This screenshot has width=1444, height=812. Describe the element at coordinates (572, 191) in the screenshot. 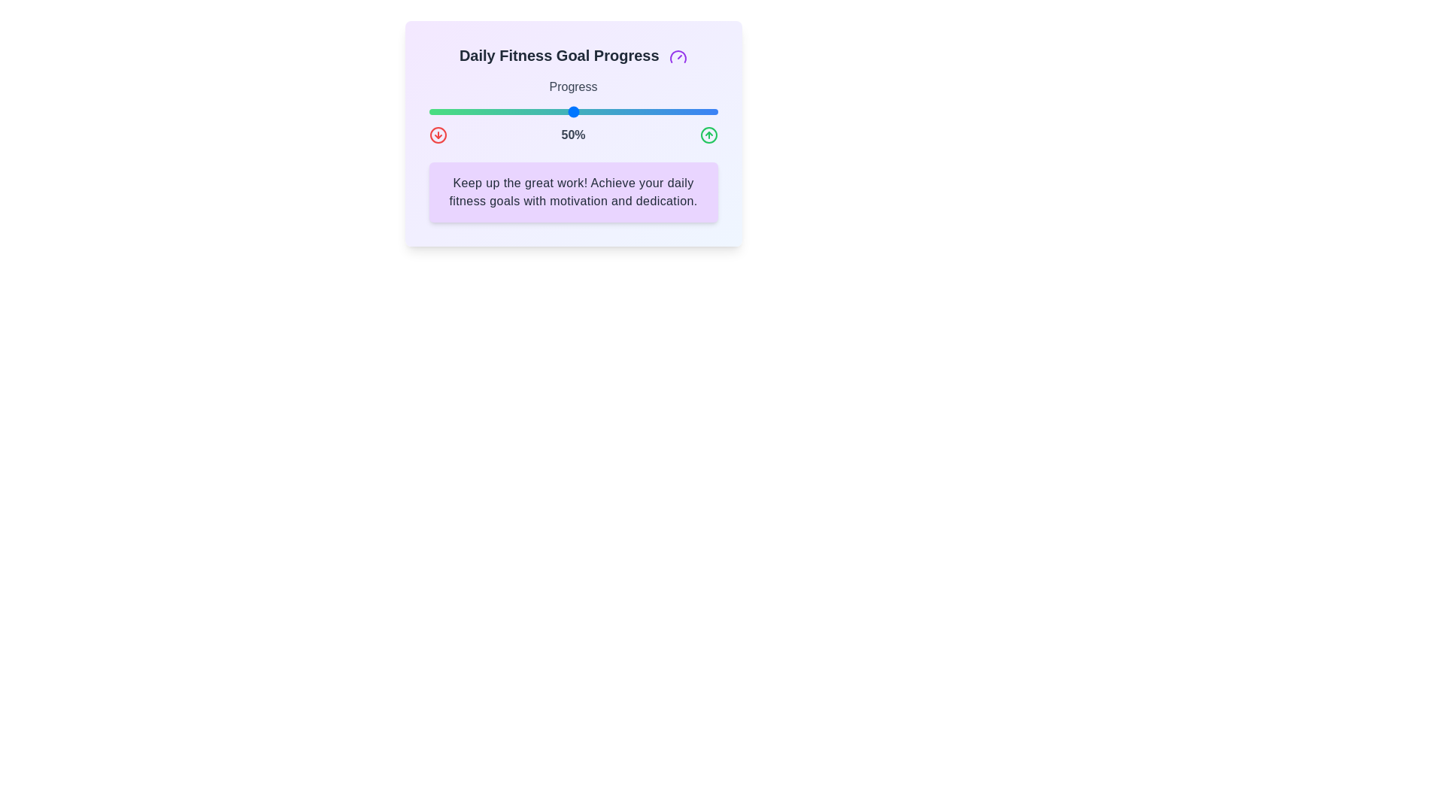

I see `the motivational text area to read its content` at that location.